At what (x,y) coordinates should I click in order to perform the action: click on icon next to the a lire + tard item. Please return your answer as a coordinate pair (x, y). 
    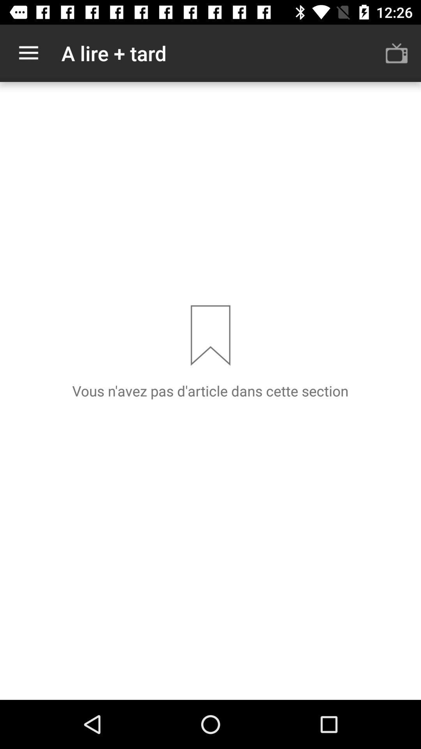
    Looking at the image, I should click on (28, 53).